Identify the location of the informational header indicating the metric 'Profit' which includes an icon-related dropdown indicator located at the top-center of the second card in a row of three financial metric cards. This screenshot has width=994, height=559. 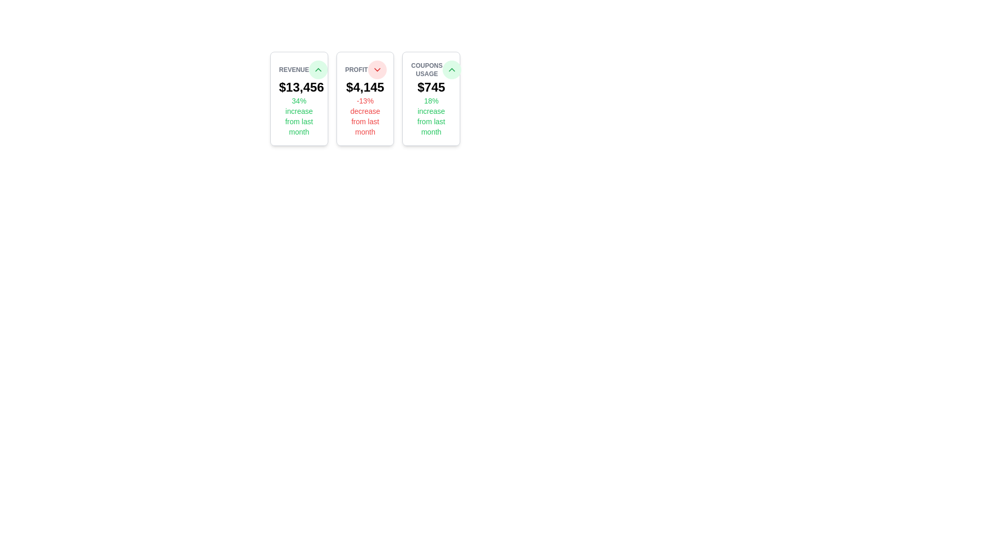
(365, 70).